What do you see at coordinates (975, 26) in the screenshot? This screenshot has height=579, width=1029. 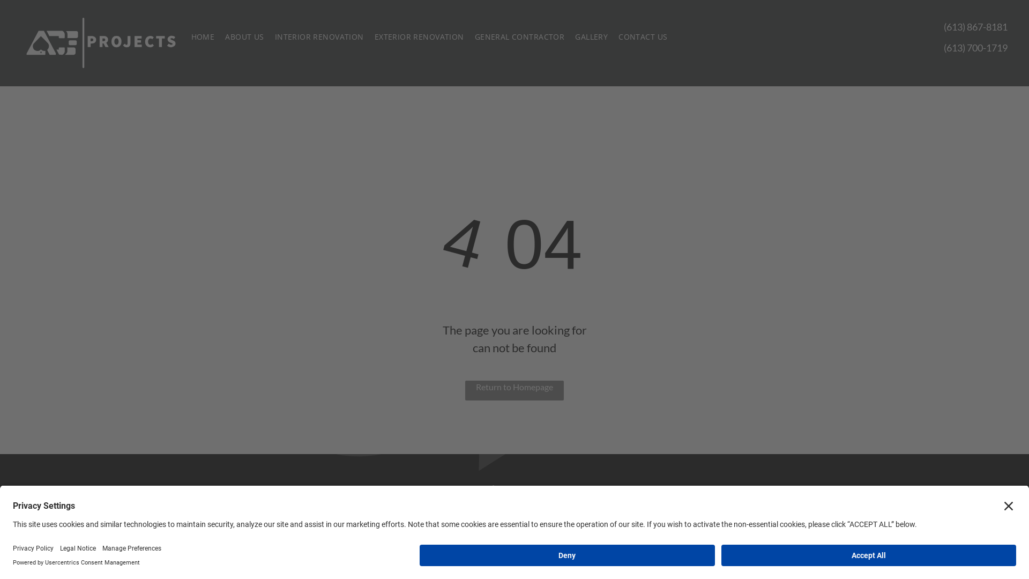 I see `'(613) 867-8181'` at bounding box center [975, 26].